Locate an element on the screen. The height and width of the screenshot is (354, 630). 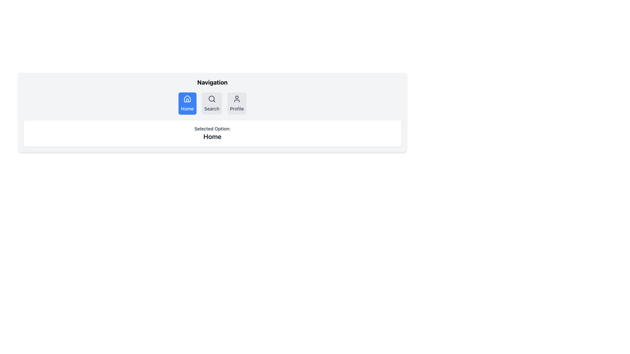
the 'Search' button, which is a square button with rounded corners located between the 'Home' and 'Profile' buttons in the navigation bar is located at coordinates (212, 103).